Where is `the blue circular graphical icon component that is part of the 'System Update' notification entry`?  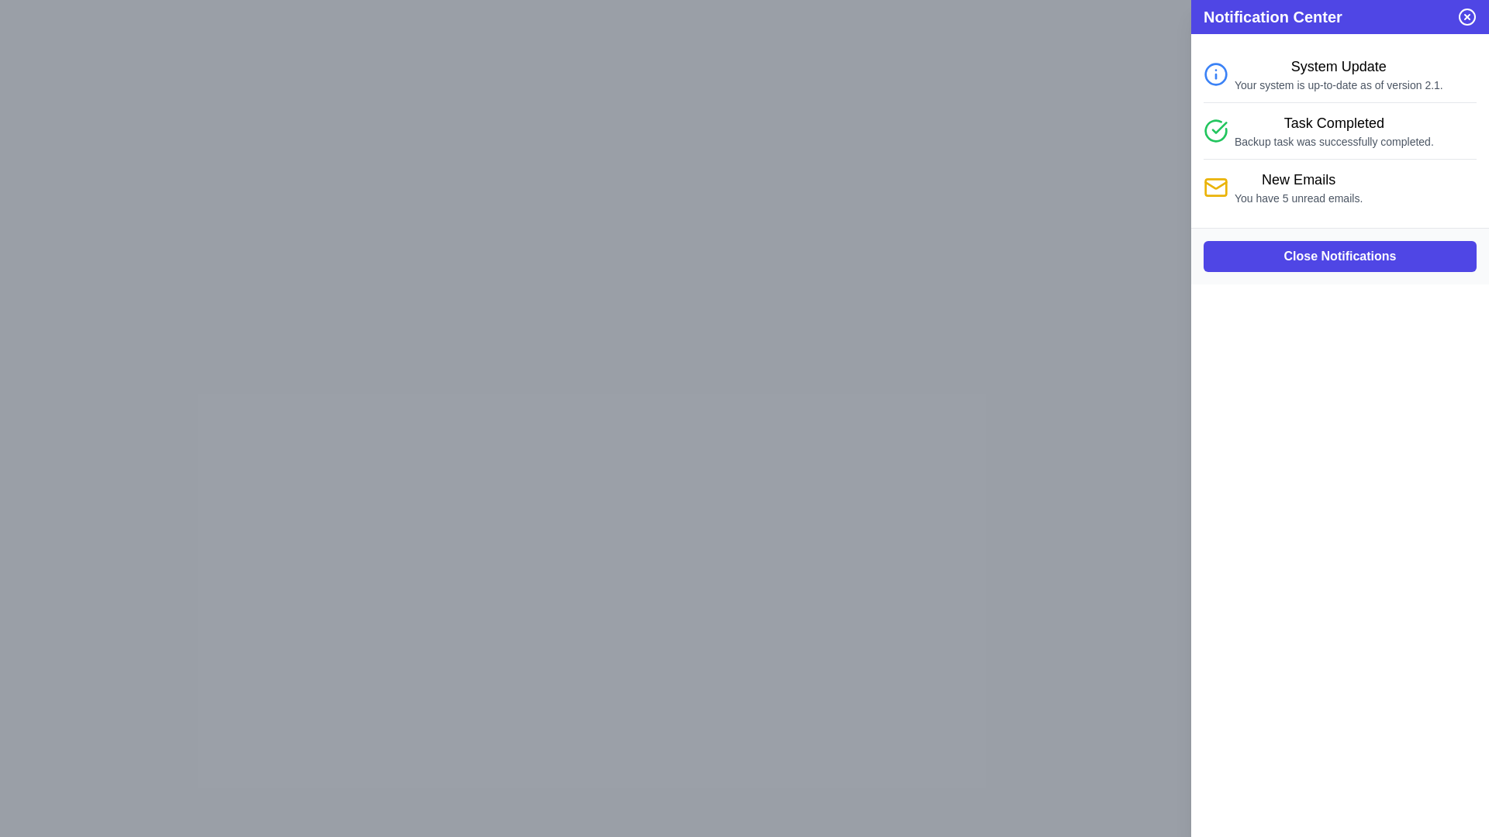 the blue circular graphical icon component that is part of the 'System Update' notification entry is located at coordinates (1215, 74).